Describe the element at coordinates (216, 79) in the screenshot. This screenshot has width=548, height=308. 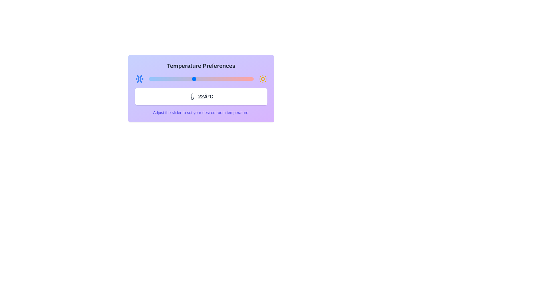
I see `the slider to set the temperature to 25°C` at that location.